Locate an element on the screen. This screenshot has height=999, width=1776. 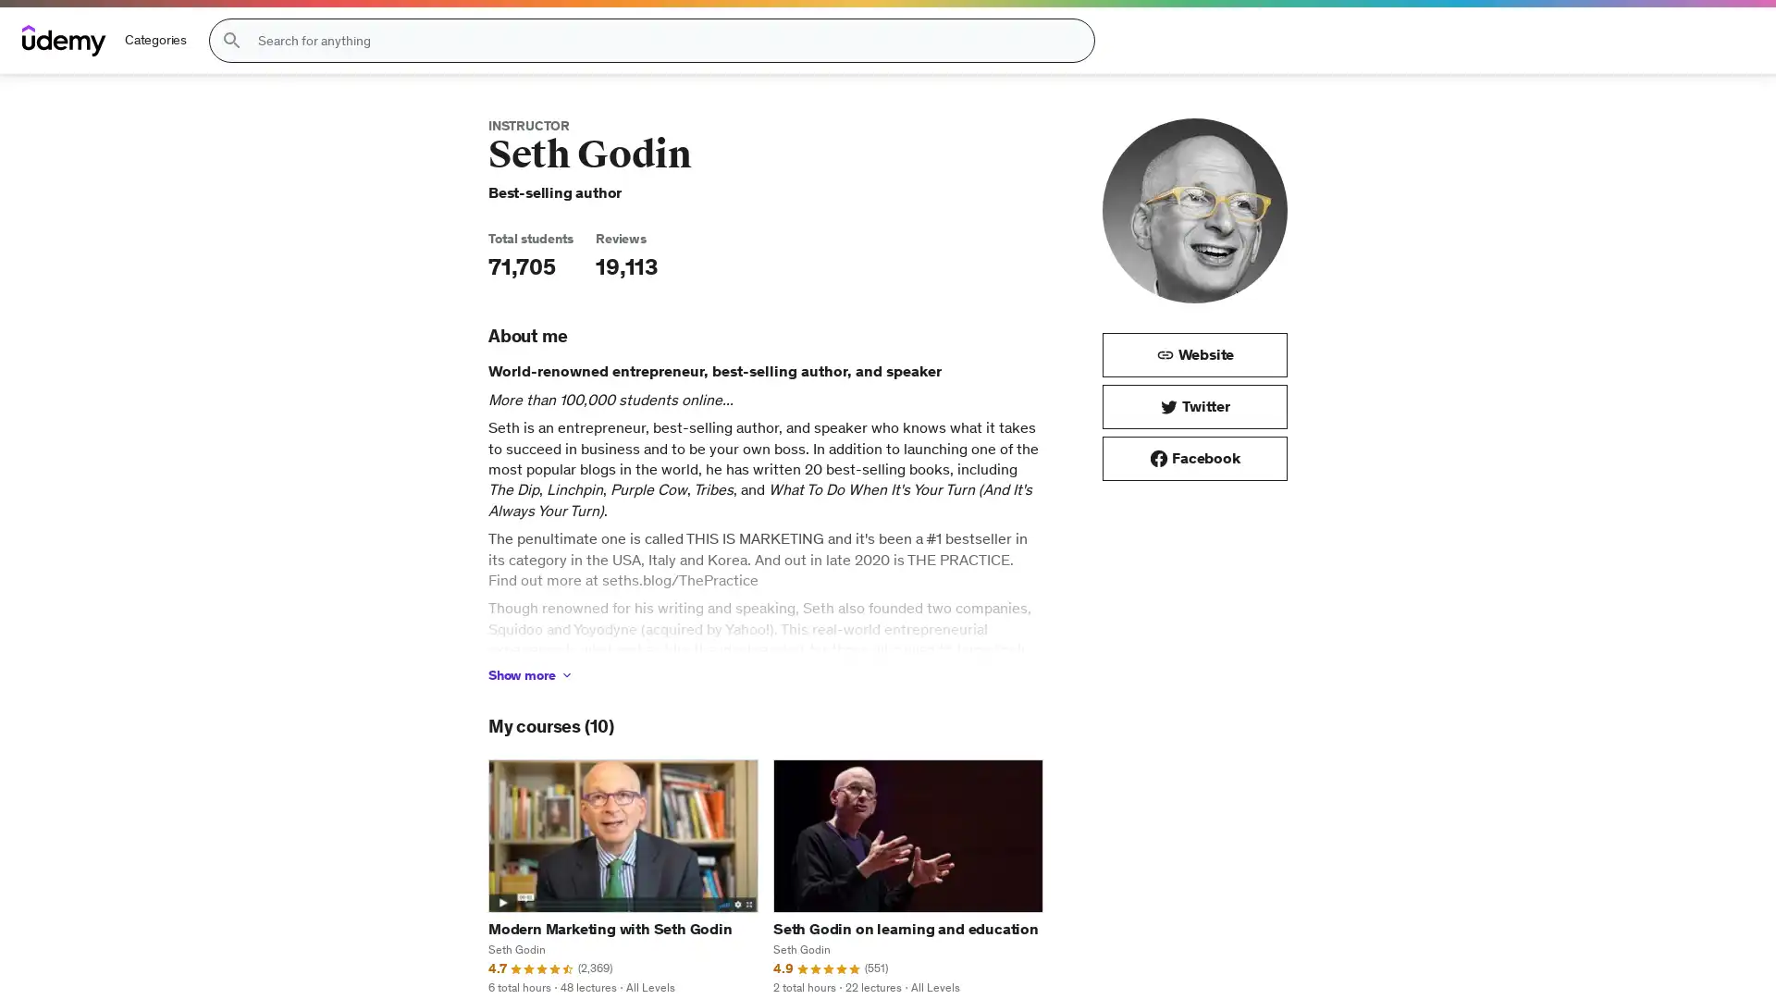
Submit search is located at coordinates (230, 40).